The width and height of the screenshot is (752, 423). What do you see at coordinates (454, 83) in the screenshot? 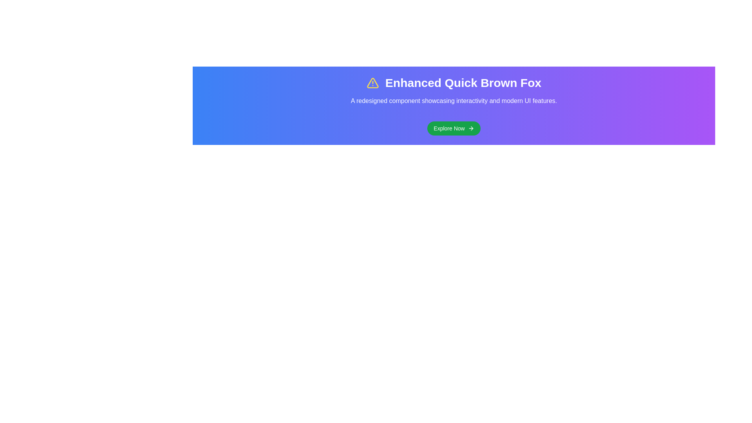
I see `the bold title text 'Enhanced Quick Brown Fox' with a yellow triangular alert icon, prominently displayed on a gradient background` at bounding box center [454, 83].